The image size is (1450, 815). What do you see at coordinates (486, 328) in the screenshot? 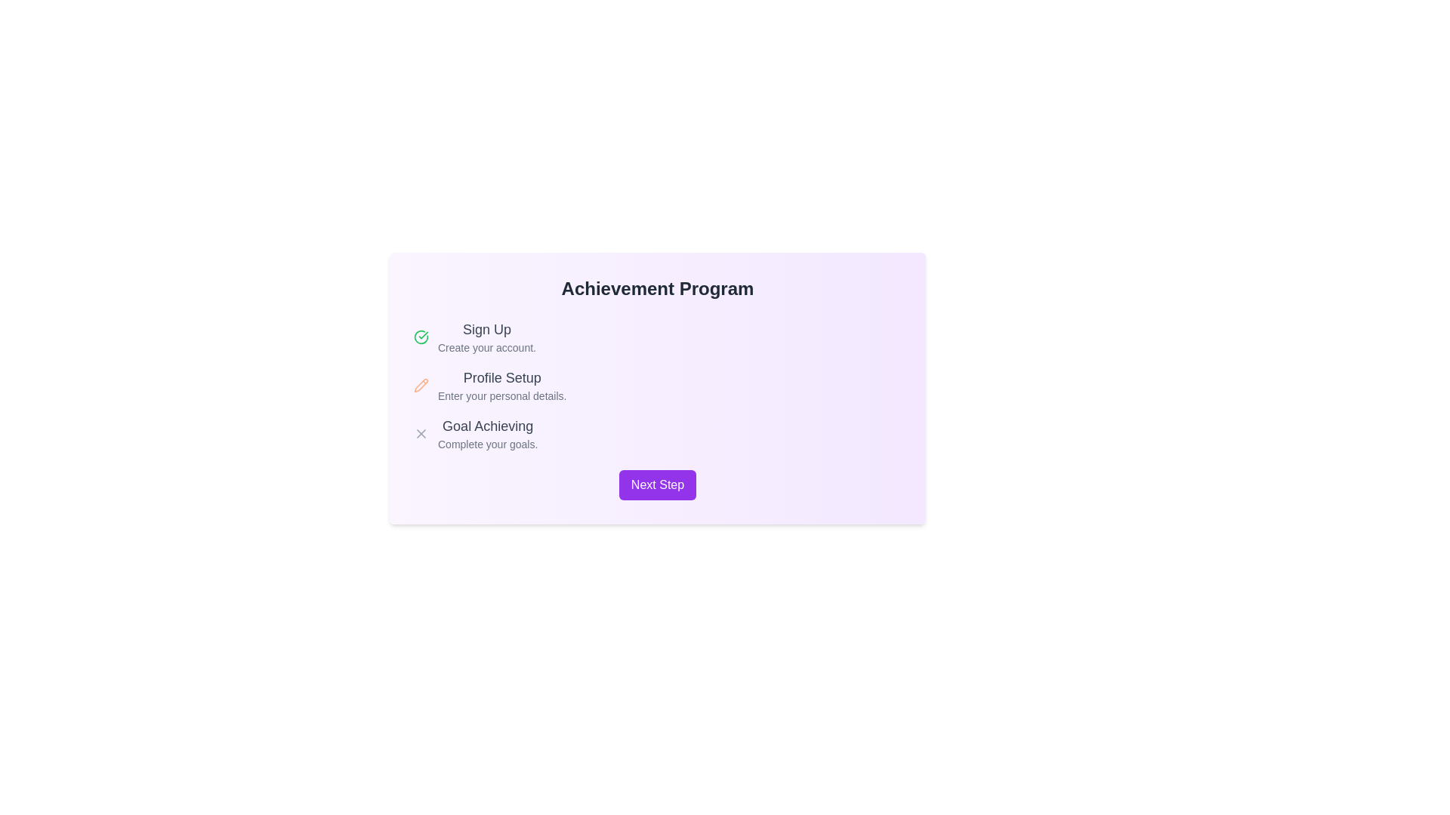
I see `the static text label displaying 'Sign Up', which is prominently positioned at the top-left corner of the card-like section labeled 'Achievement Program'` at bounding box center [486, 328].